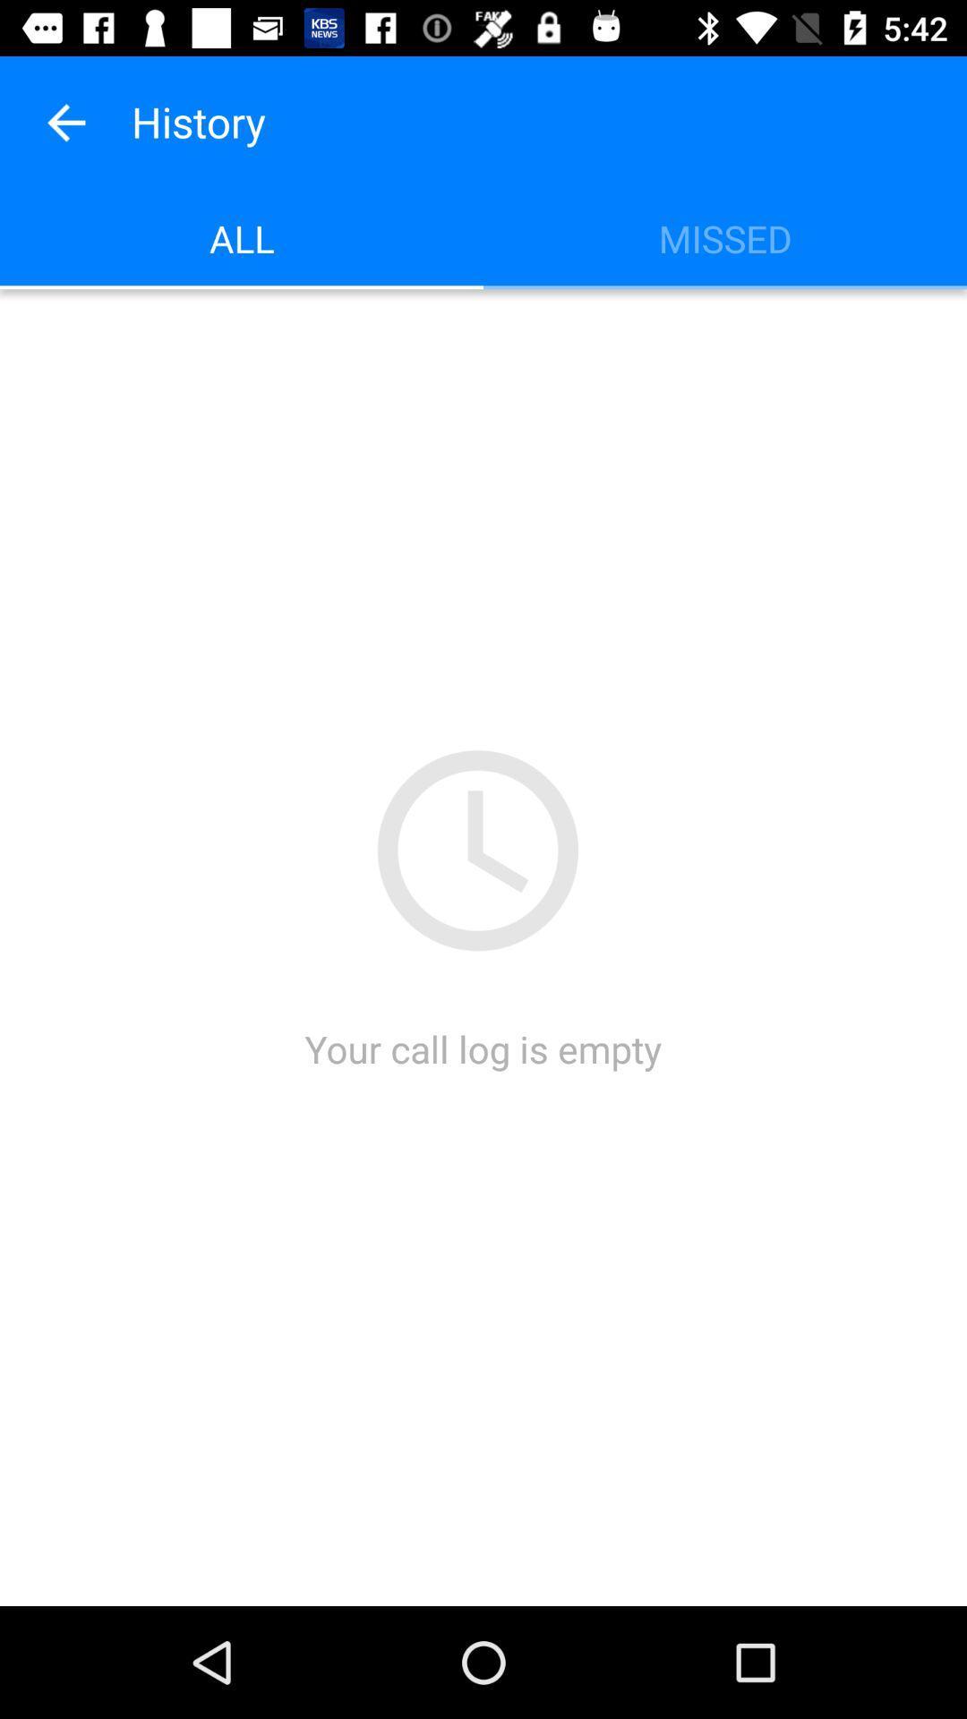 Image resolution: width=967 pixels, height=1719 pixels. What do you see at coordinates (64, 121) in the screenshot?
I see `icon to the left of the history icon` at bounding box center [64, 121].